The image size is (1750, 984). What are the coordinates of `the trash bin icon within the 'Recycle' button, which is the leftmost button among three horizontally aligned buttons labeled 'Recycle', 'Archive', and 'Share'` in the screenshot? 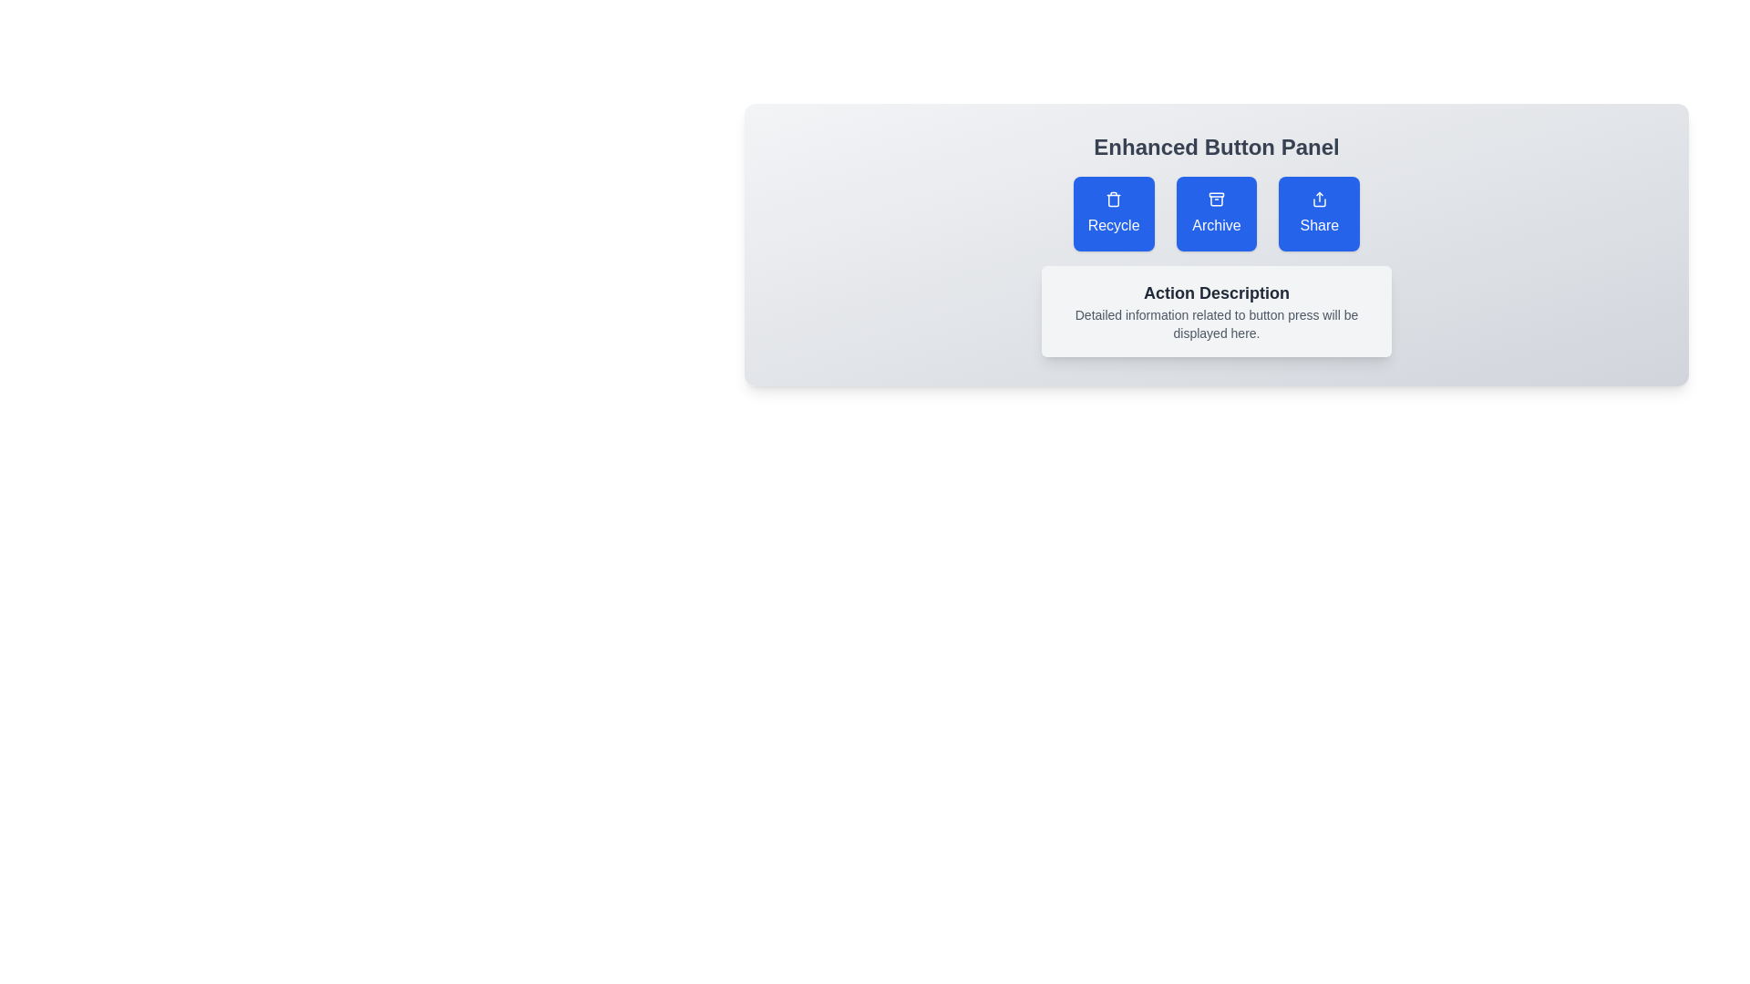 It's located at (1113, 200).